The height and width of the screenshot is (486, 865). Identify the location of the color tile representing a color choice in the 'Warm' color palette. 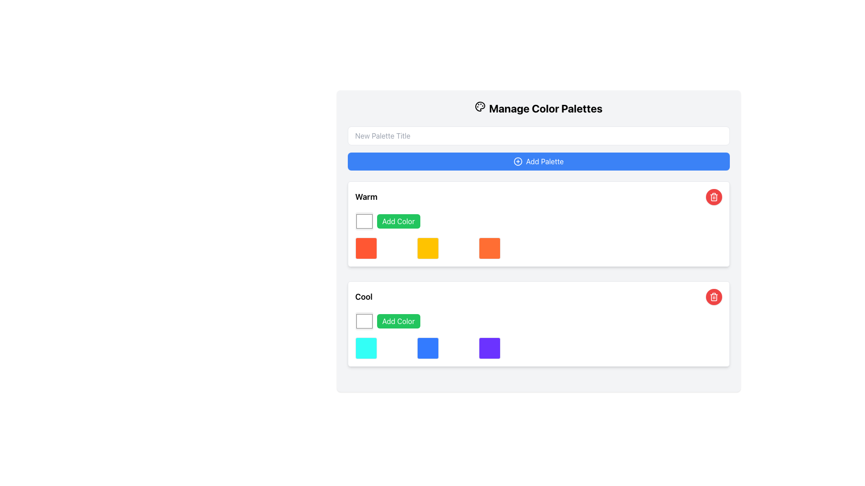
(366, 248).